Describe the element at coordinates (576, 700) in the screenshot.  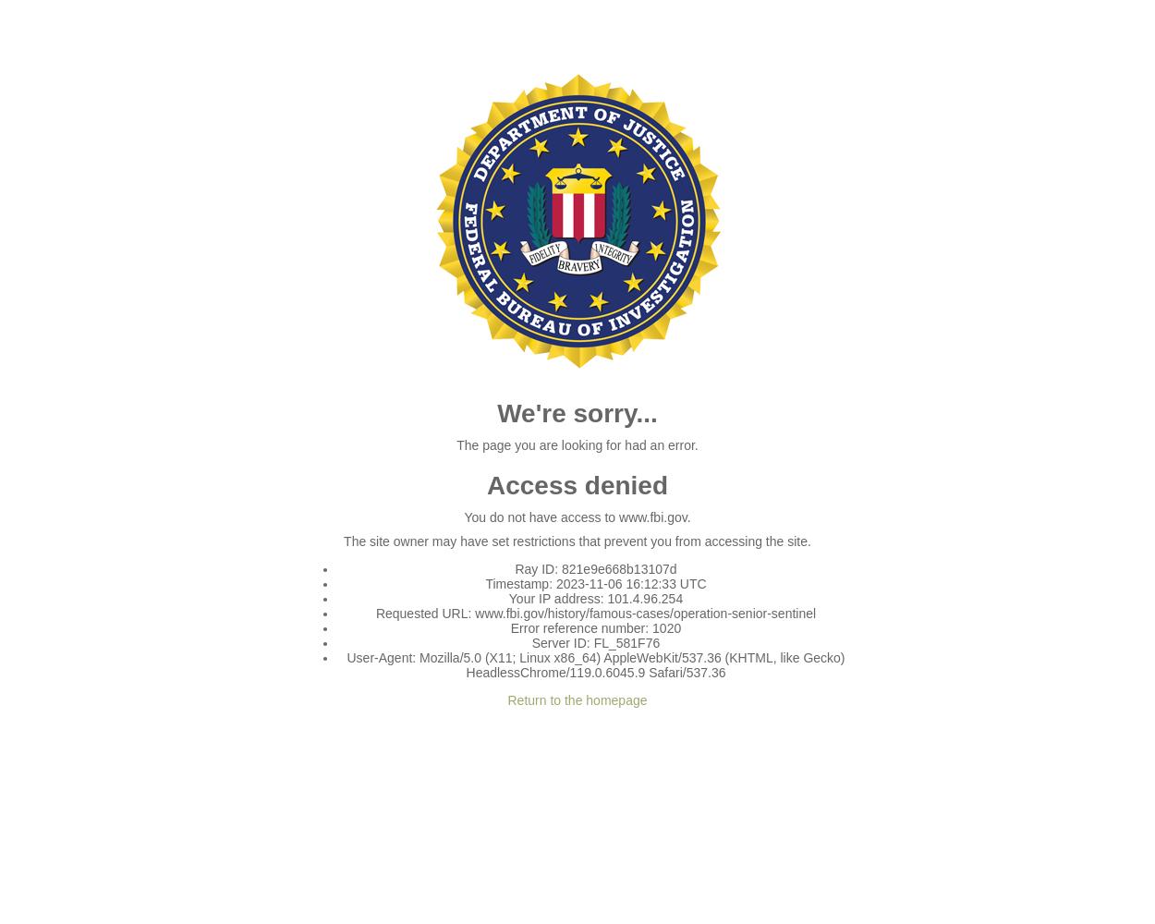
I see `'Return to the homepage'` at that location.